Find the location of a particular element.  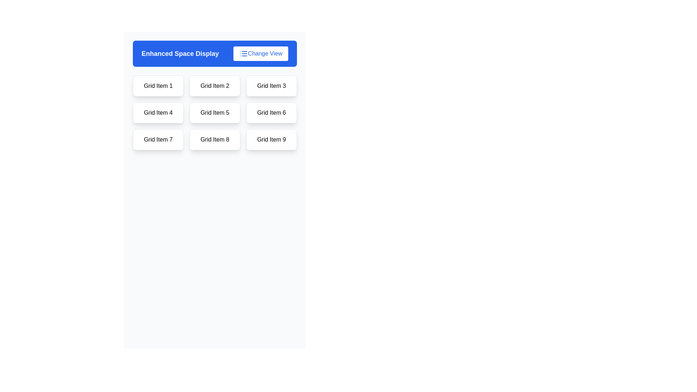

the Display Card labeled 'Grid Item 4', which is the fourth item in a grid layout located in the second row, first column is located at coordinates (158, 113).